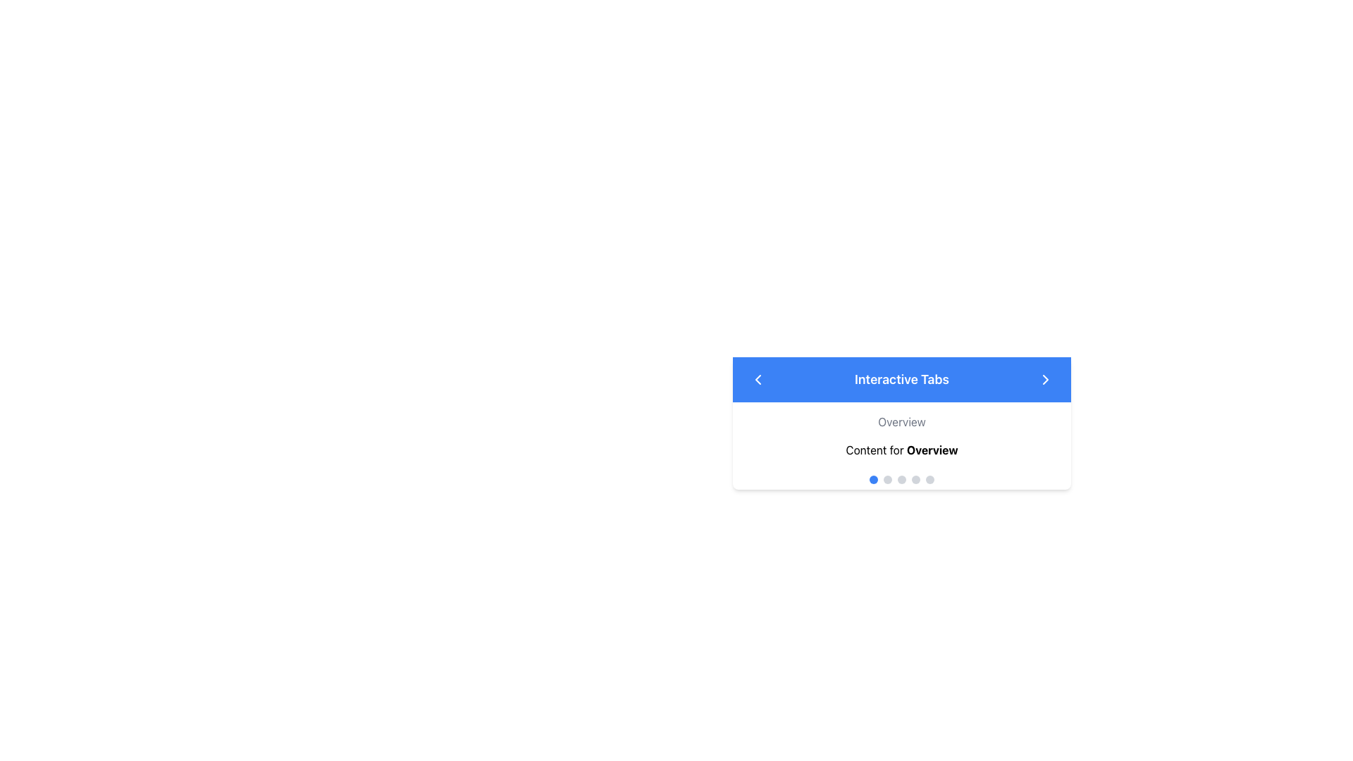 This screenshot has width=1353, height=761. I want to click on the blue header banner labeled 'Interactive Tabs' to trigger hover effects, so click(902, 379).